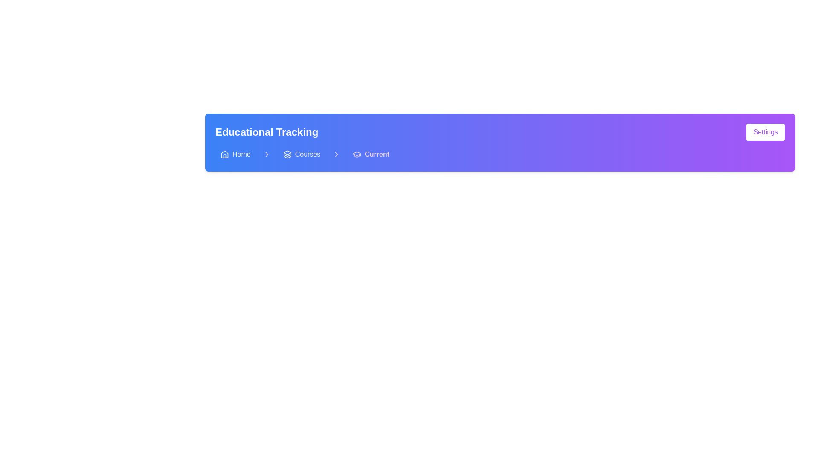  I want to click on the small rightward arrow icon in the navigation breadcrumb trail that visually separates the 'Courses' section from the 'Current' section, so click(336, 155).